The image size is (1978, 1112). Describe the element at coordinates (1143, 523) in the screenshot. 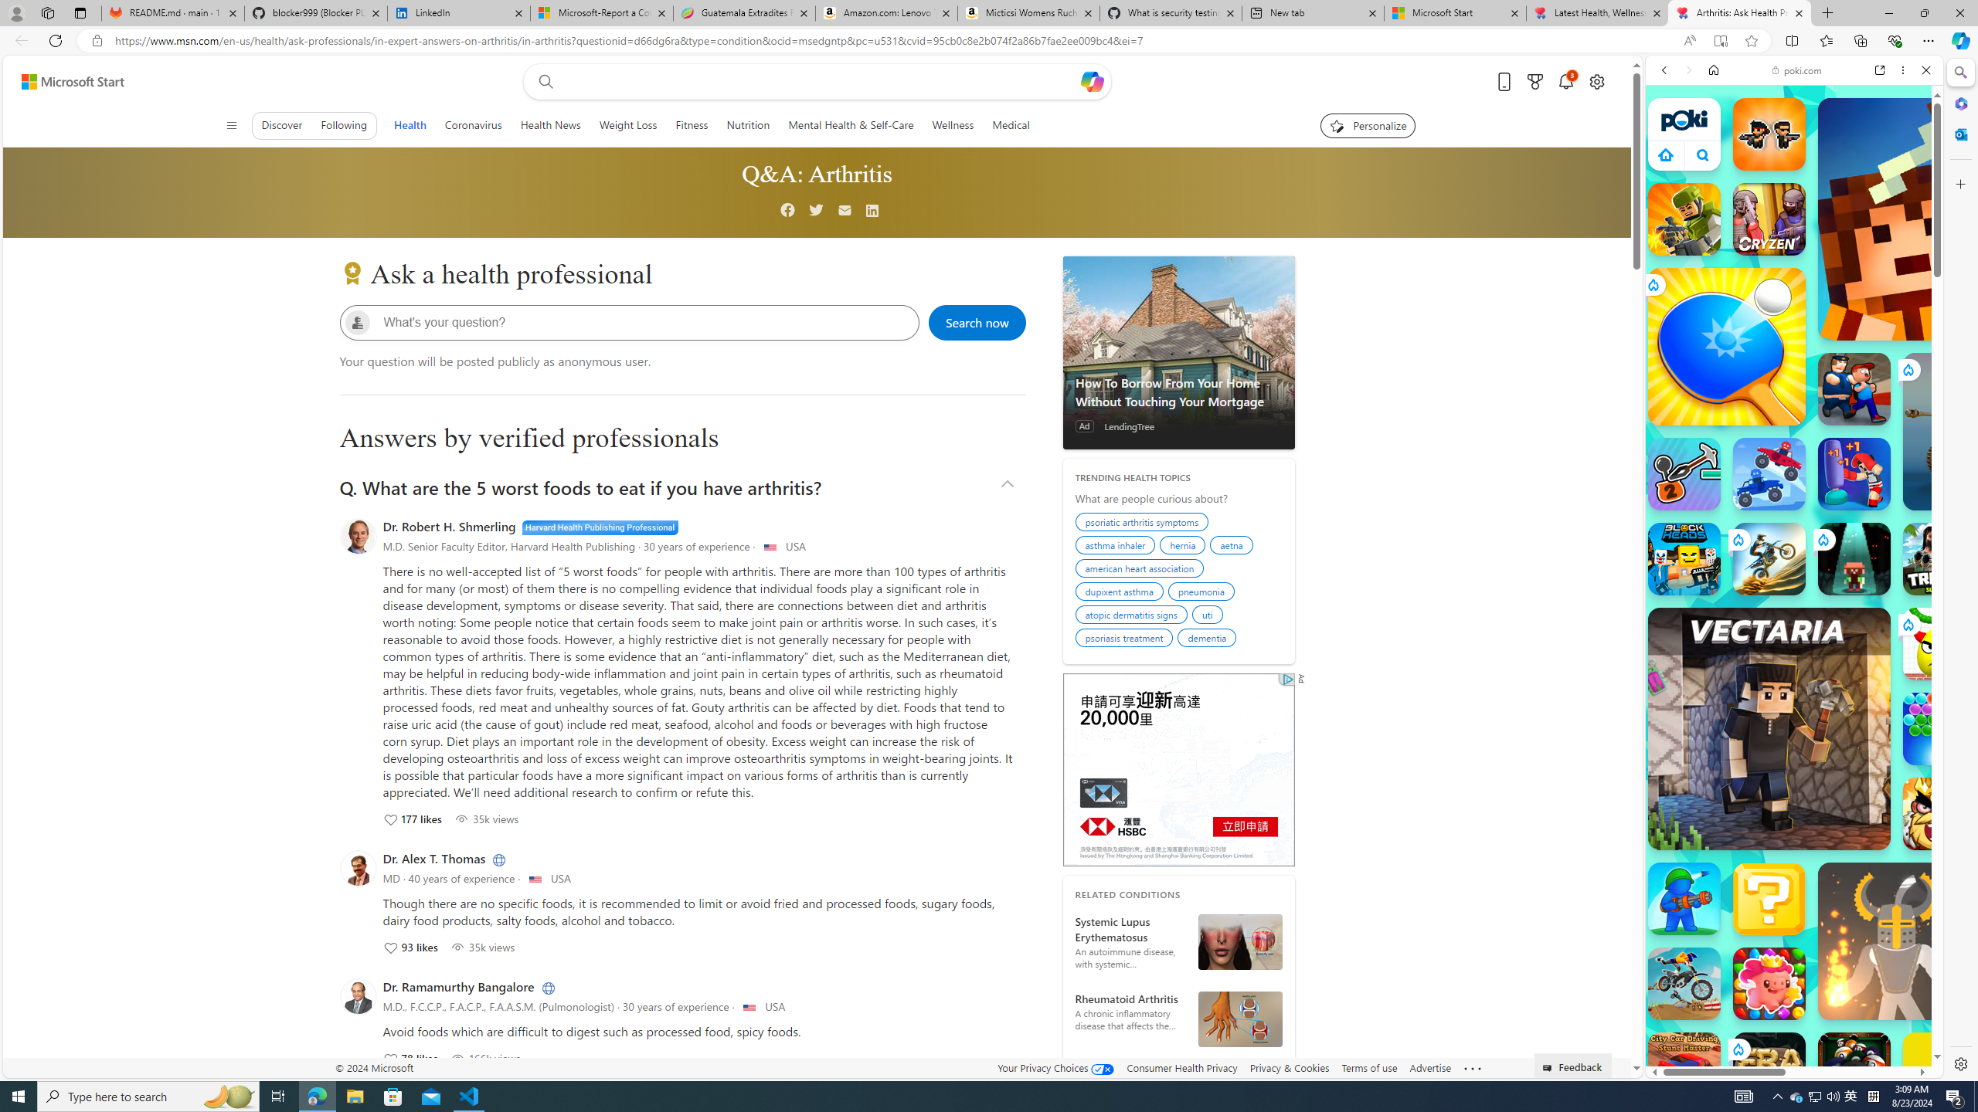

I see `'psoriatic arthritis symptoms'` at that location.